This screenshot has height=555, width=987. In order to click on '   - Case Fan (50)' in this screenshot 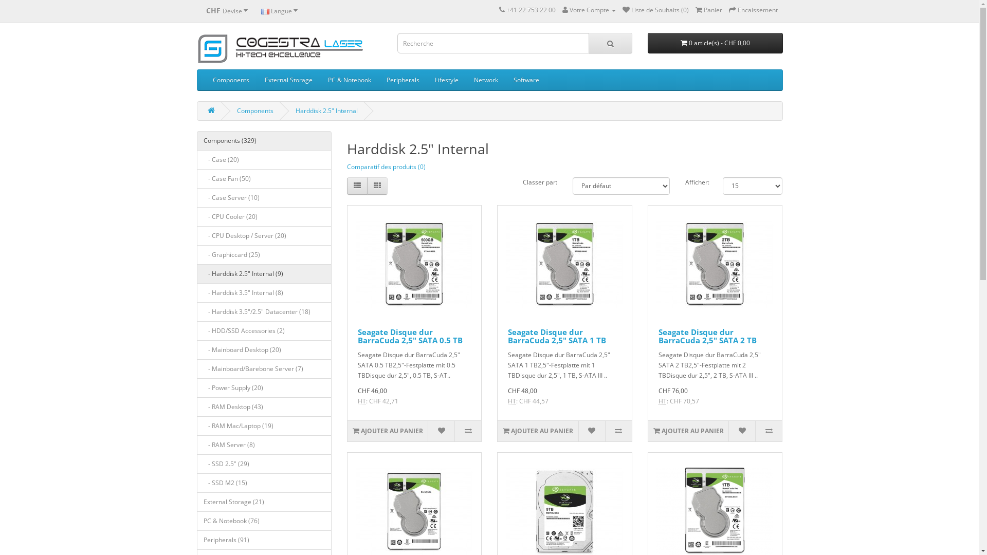, I will do `click(264, 178)`.